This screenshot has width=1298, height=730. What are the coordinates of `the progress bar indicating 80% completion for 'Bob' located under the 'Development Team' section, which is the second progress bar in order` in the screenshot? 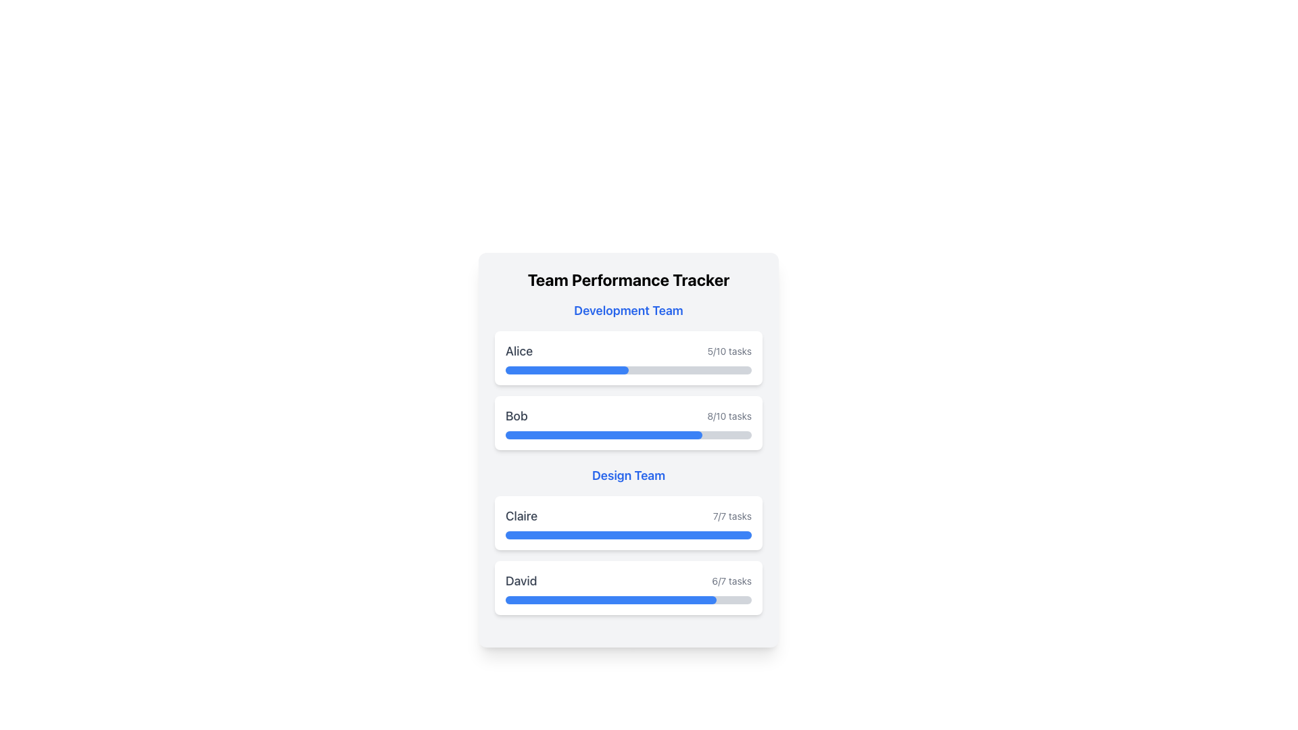 It's located at (628, 435).